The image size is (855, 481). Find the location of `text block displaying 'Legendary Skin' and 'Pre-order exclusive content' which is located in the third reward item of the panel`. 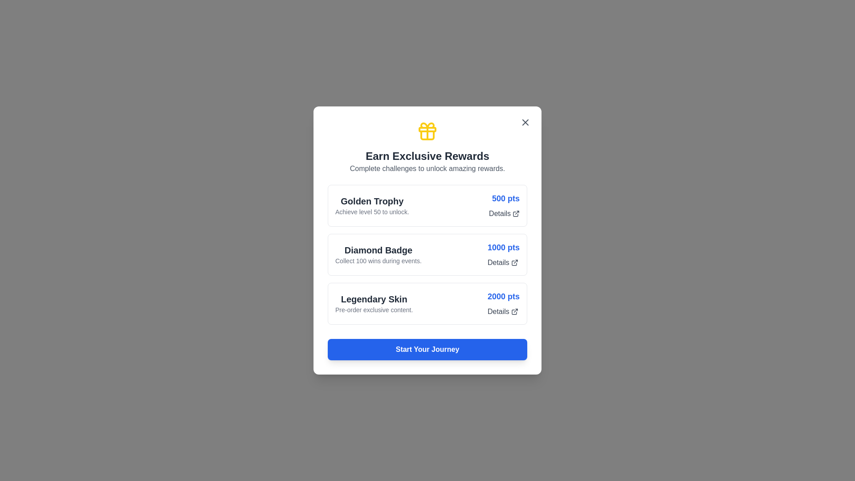

text block displaying 'Legendary Skin' and 'Pre-order exclusive content' which is located in the third reward item of the panel is located at coordinates (374, 303).